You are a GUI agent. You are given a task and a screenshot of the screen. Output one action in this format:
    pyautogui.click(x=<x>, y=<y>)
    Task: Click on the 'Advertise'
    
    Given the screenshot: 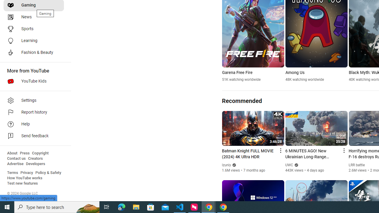 What is the action you would take?
    pyautogui.click(x=15, y=164)
    